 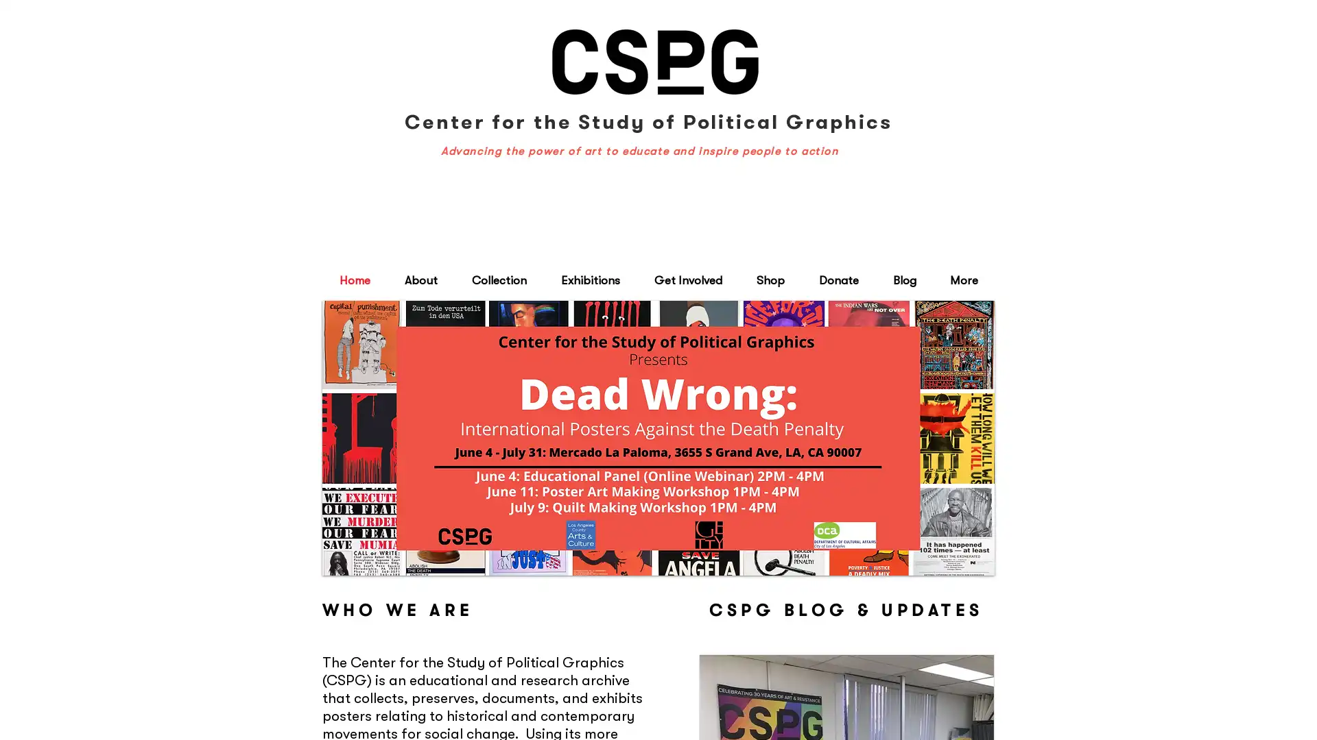 What do you see at coordinates (964, 438) in the screenshot?
I see `next` at bounding box center [964, 438].